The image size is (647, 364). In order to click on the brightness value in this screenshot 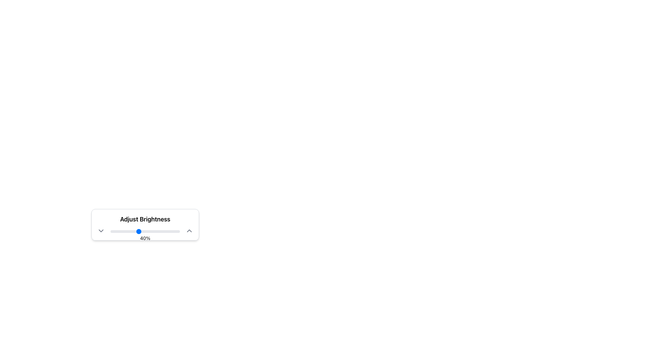, I will do `click(154, 231)`.